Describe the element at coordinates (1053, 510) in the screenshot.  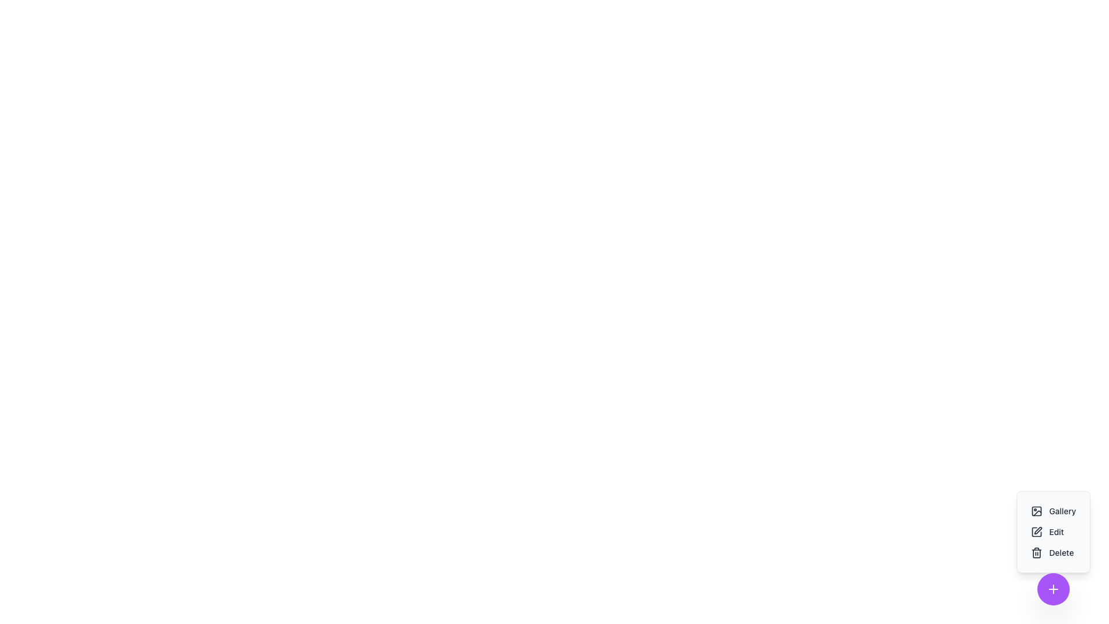
I see `the 'Gallery' button, which features a photo frame icon and is the first item in a vertical list within a floating context menu` at that location.